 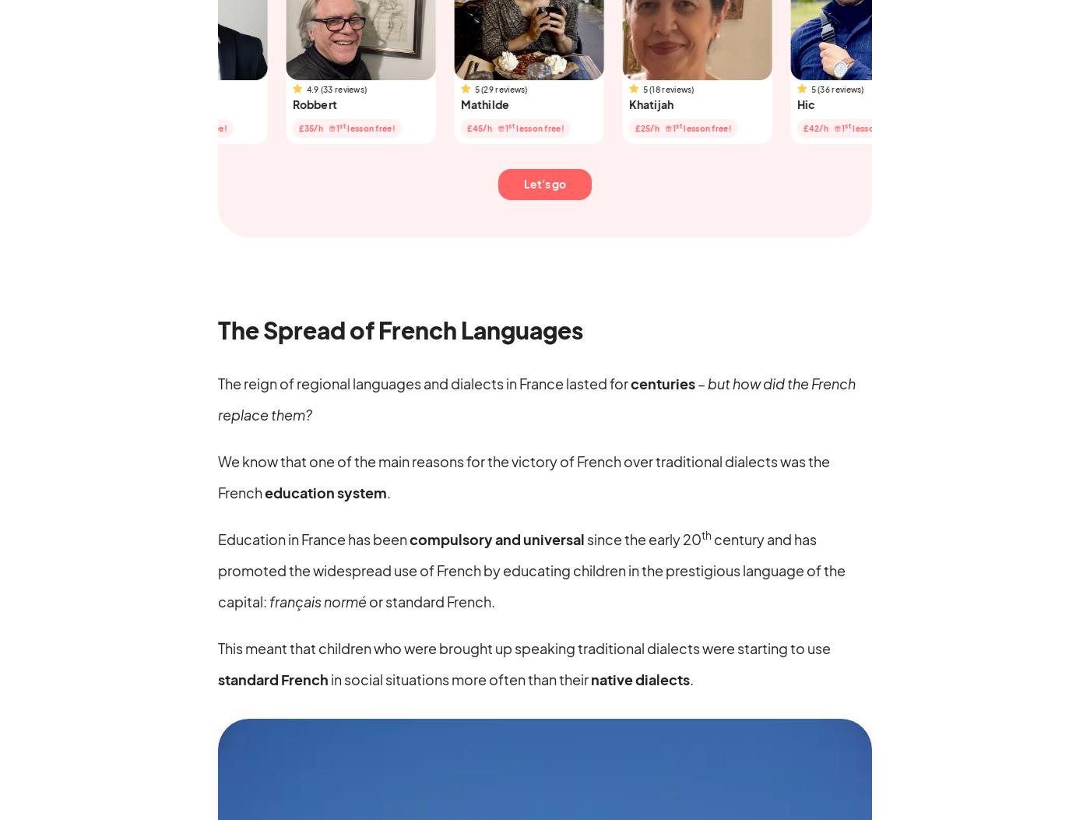 I want to click on 'compulsory and universal', so click(x=497, y=538).